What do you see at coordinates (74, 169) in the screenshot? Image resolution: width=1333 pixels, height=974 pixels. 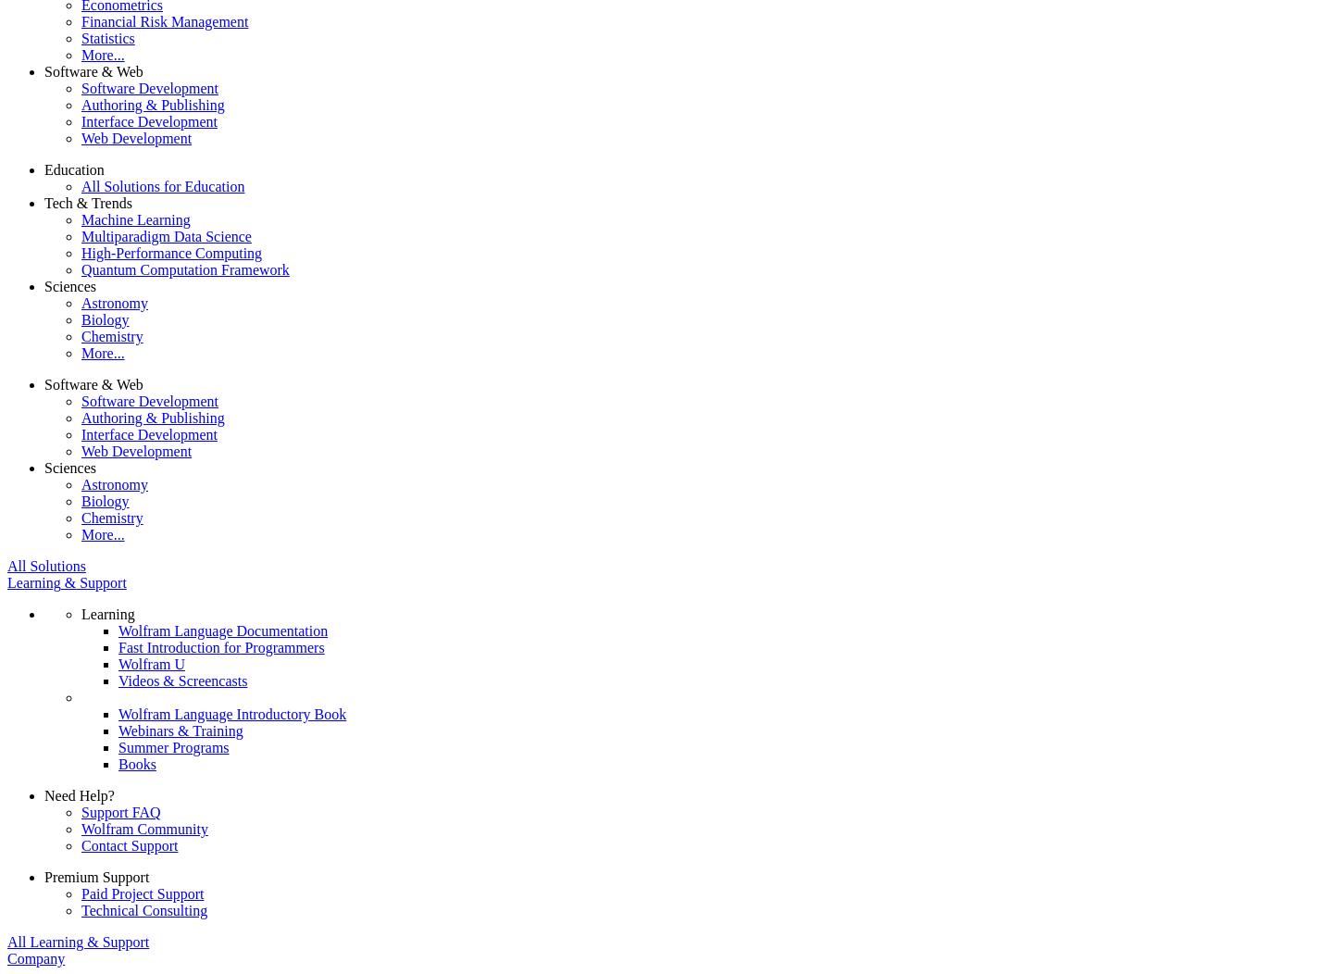 I see `'Education'` at bounding box center [74, 169].